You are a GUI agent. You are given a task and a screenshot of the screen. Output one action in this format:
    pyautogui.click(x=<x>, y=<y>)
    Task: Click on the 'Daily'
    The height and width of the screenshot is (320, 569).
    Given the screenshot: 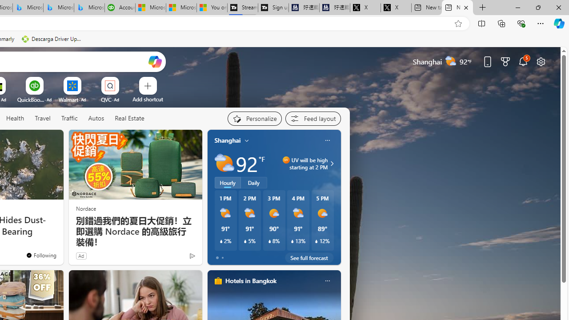 What is the action you would take?
    pyautogui.click(x=253, y=182)
    